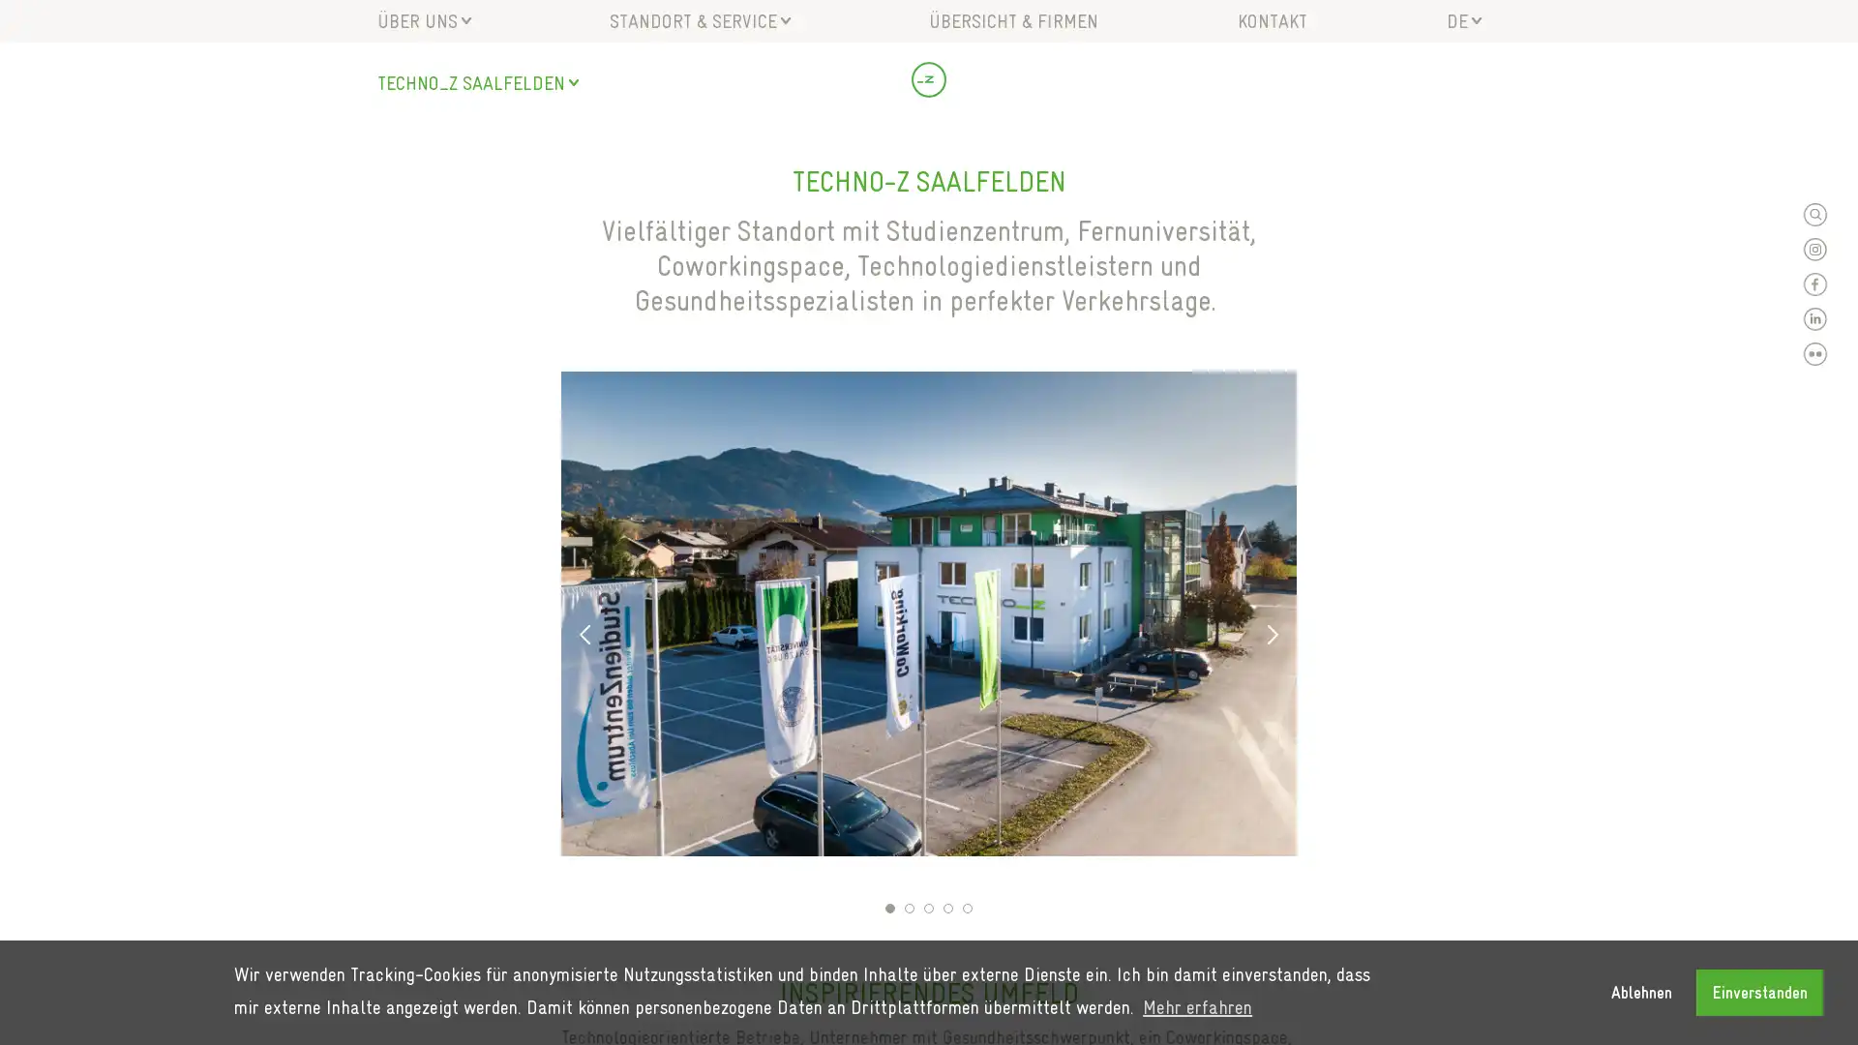 The width and height of the screenshot is (1858, 1045). I want to click on Previous, so click(584, 634).